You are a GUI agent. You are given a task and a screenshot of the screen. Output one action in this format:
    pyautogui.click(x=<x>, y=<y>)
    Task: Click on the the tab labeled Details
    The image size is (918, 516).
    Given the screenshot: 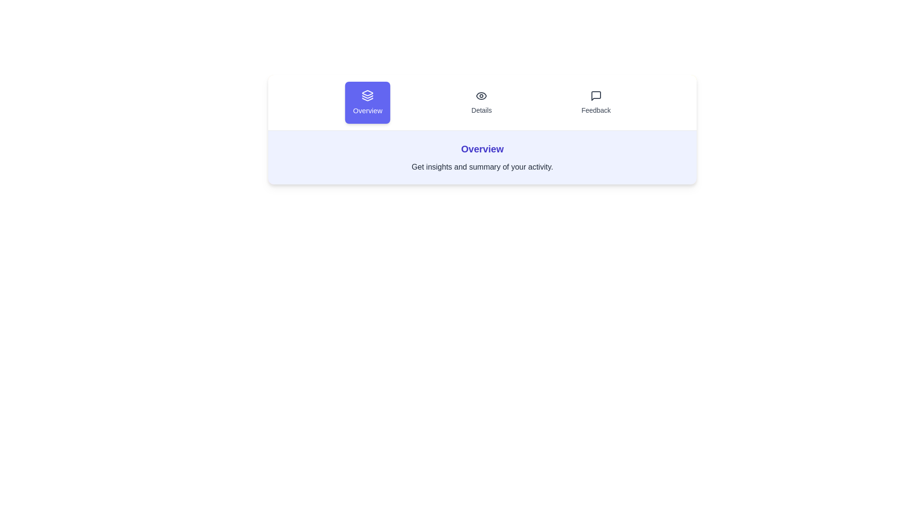 What is the action you would take?
    pyautogui.click(x=481, y=103)
    